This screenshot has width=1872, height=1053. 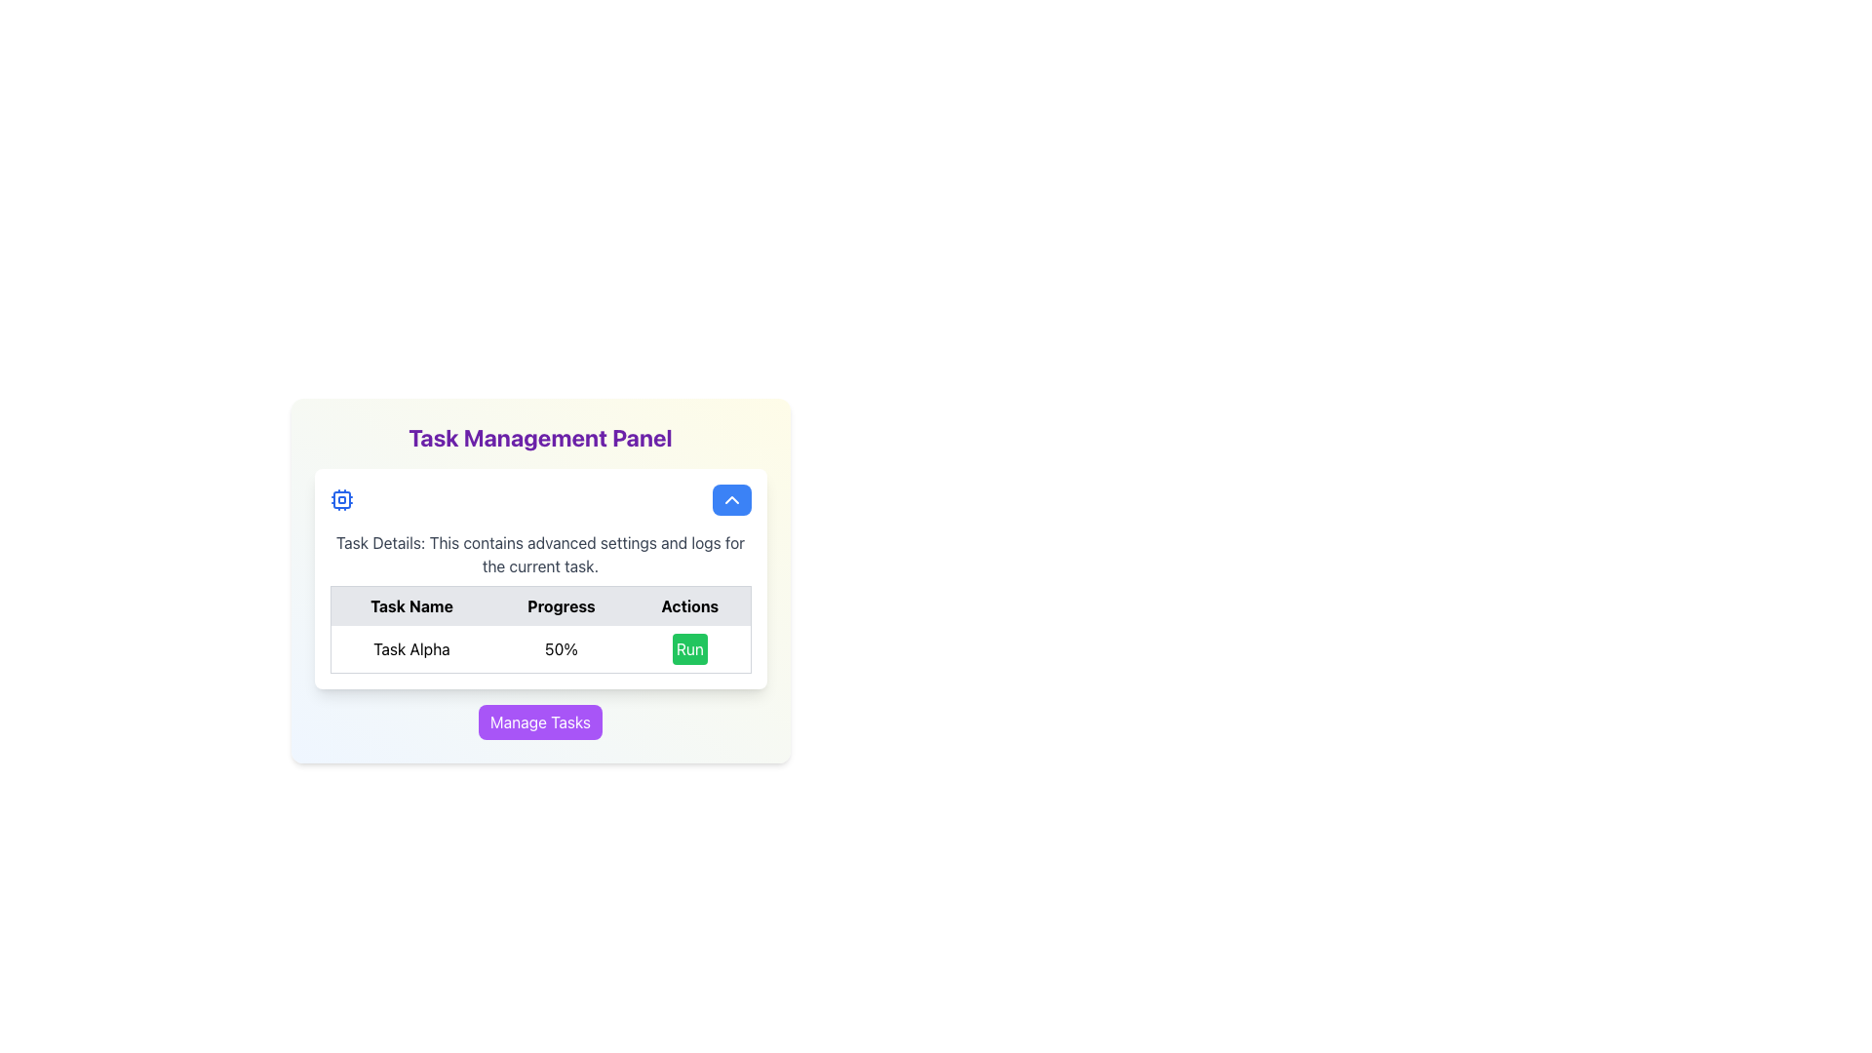 What do you see at coordinates (540, 629) in the screenshot?
I see `displayed progress value '50%' from the table cell located in the second column of the second row under the 'Progress' header` at bounding box center [540, 629].